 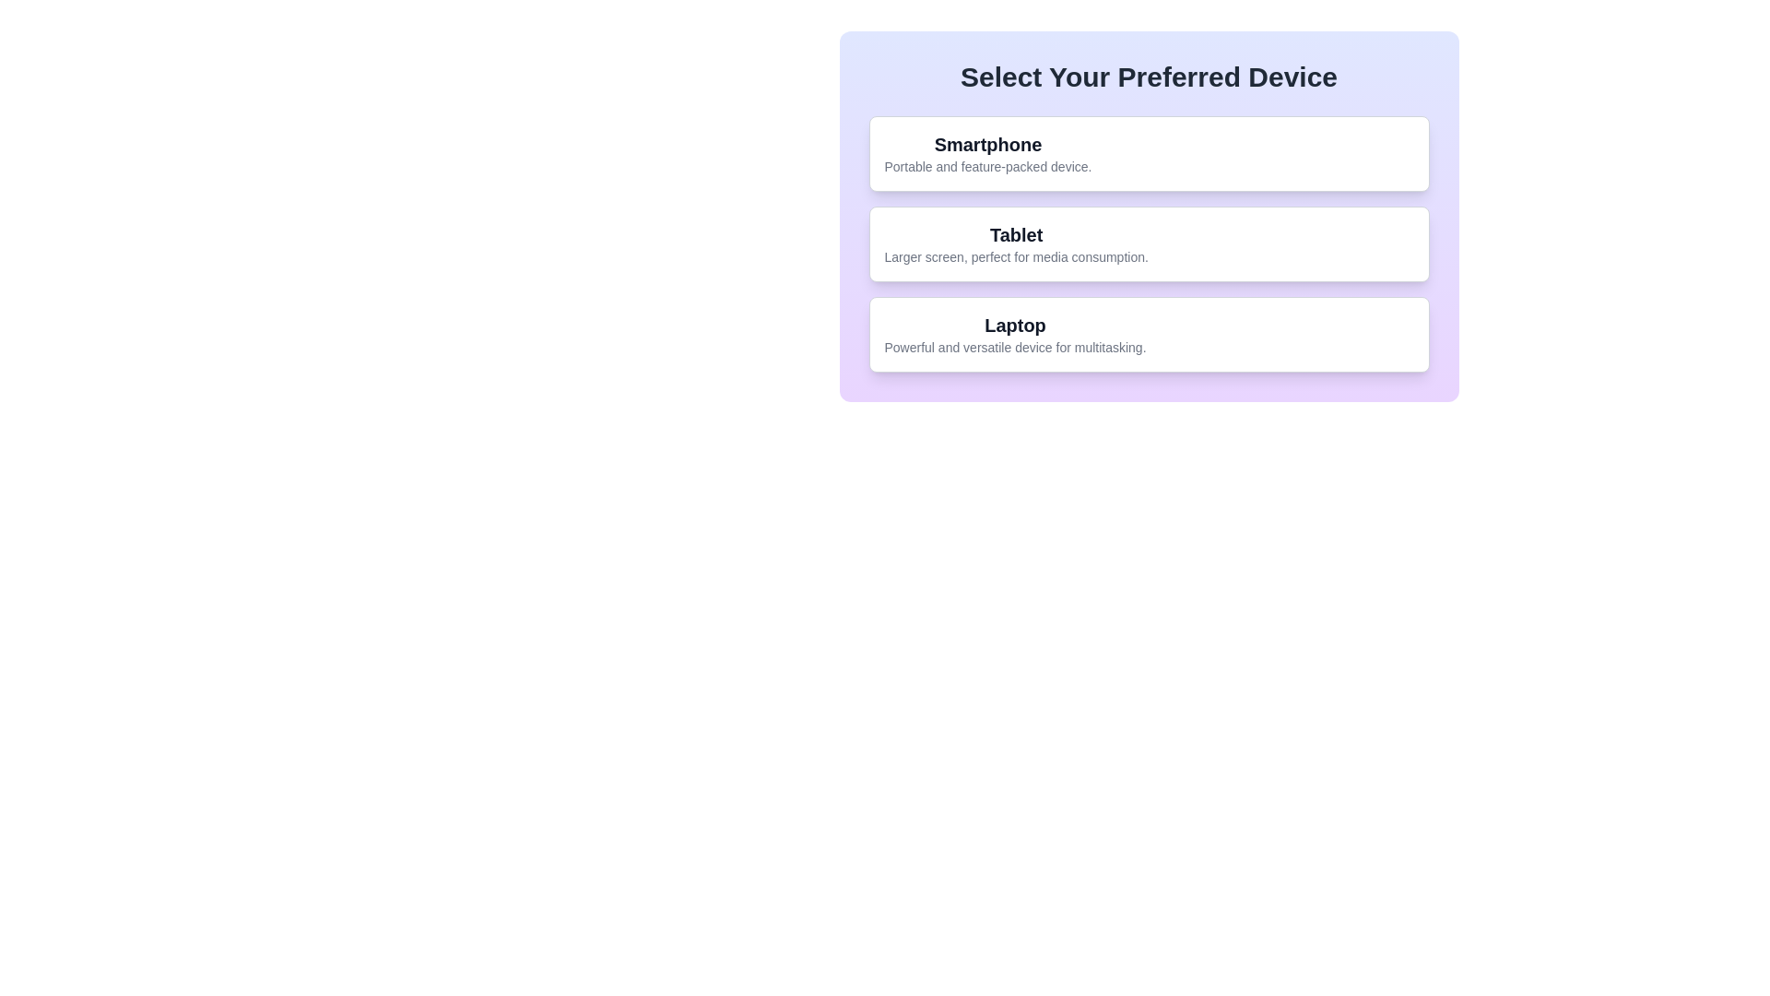 What do you see at coordinates (1148, 216) in the screenshot?
I see `the highlighted card-like selection panel` at bounding box center [1148, 216].